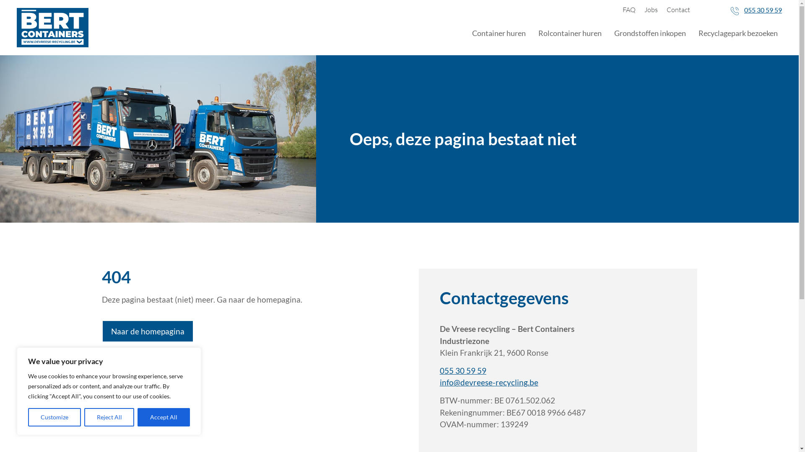 This screenshot has width=805, height=452. What do you see at coordinates (439, 382) in the screenshot?
I see `'info@devreese-recycling.be'` at bounding box center [439, 382].